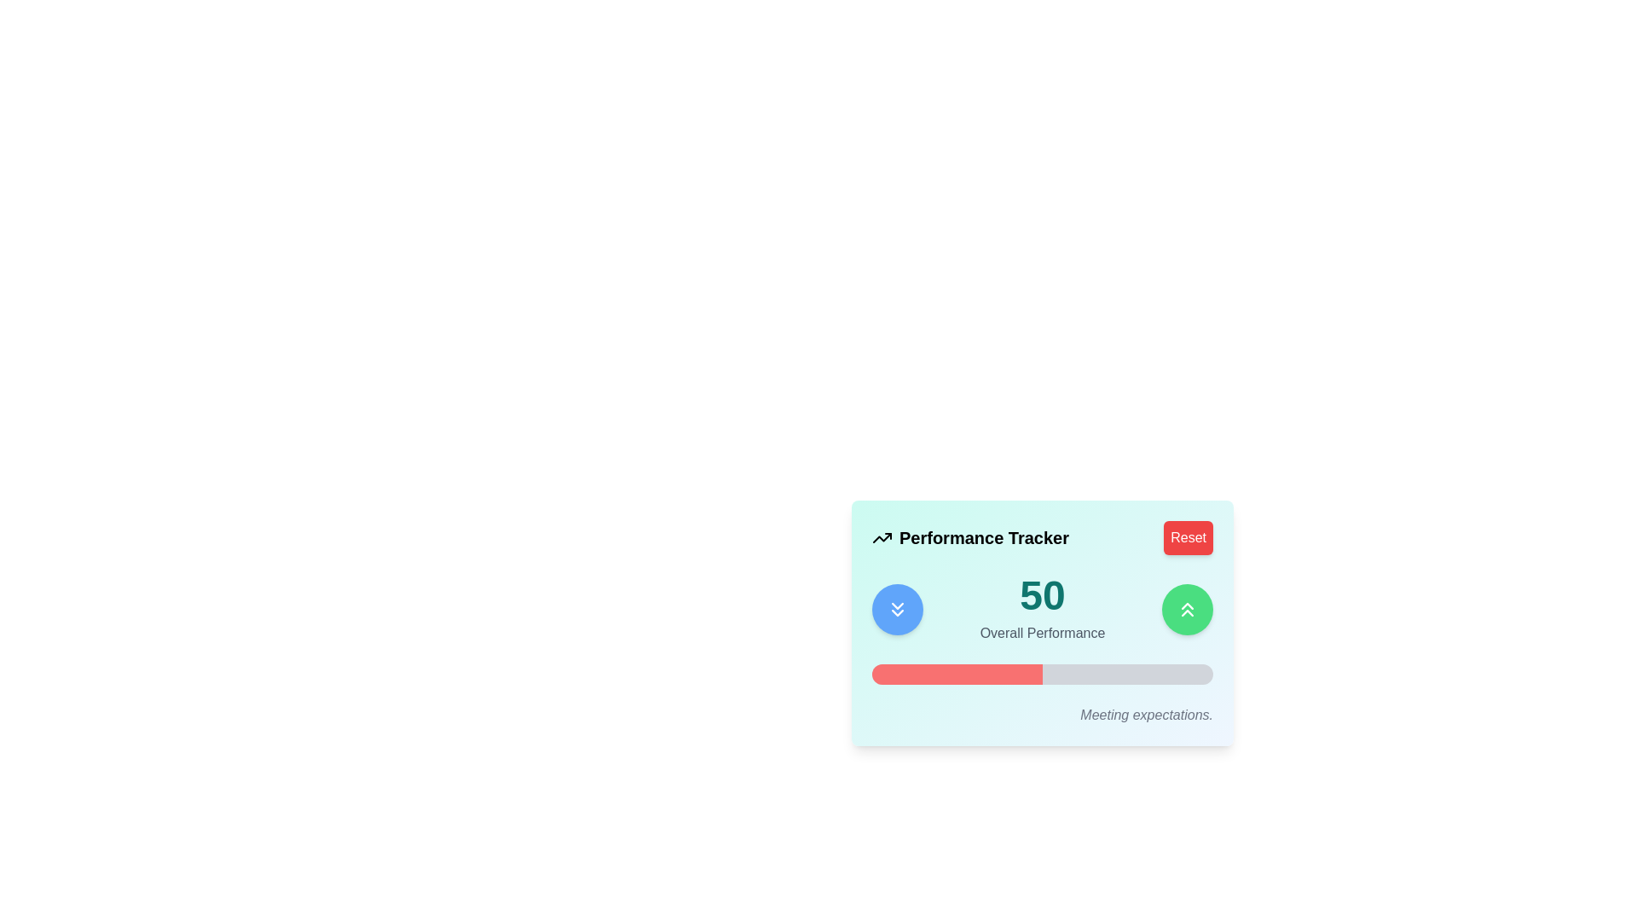  Describe the element at coordinates (882, 538) in the screenshot. I see `the upward trending line graph icon located to the left of the 'Performance Tracker' text in the header of the dashboard card layout` at that location.